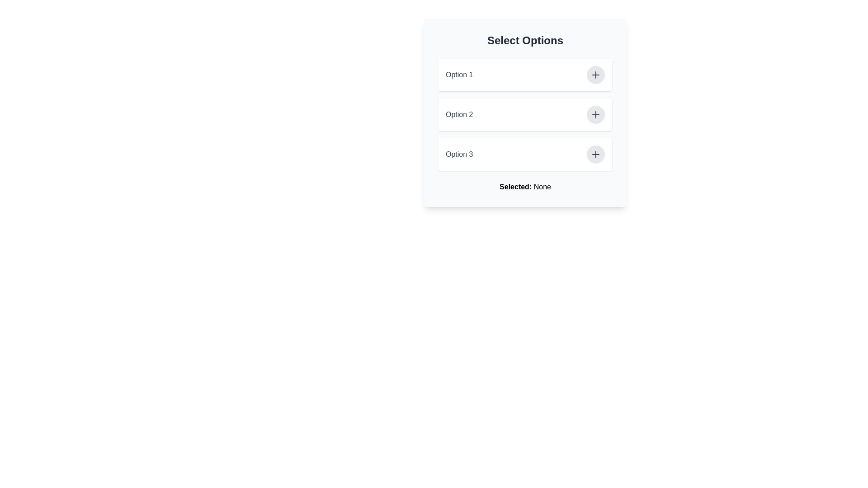 This screenshot has width=868, height=488. I want to click on the heading text labeled 'Select Options', which is styled in bold and larger font, positioned at the top of a card-like section, so click(525, 40).